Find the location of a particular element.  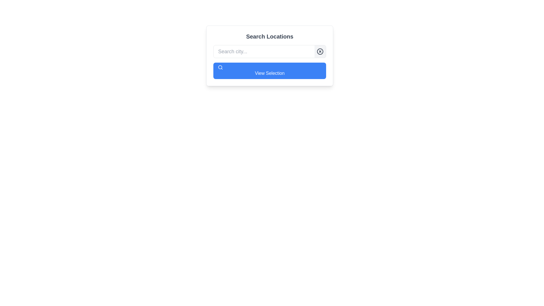

the magnifying glass icon, which is situated on the left side of the blue rectangular 'View Selection' button is located at coordinates (220, 67).